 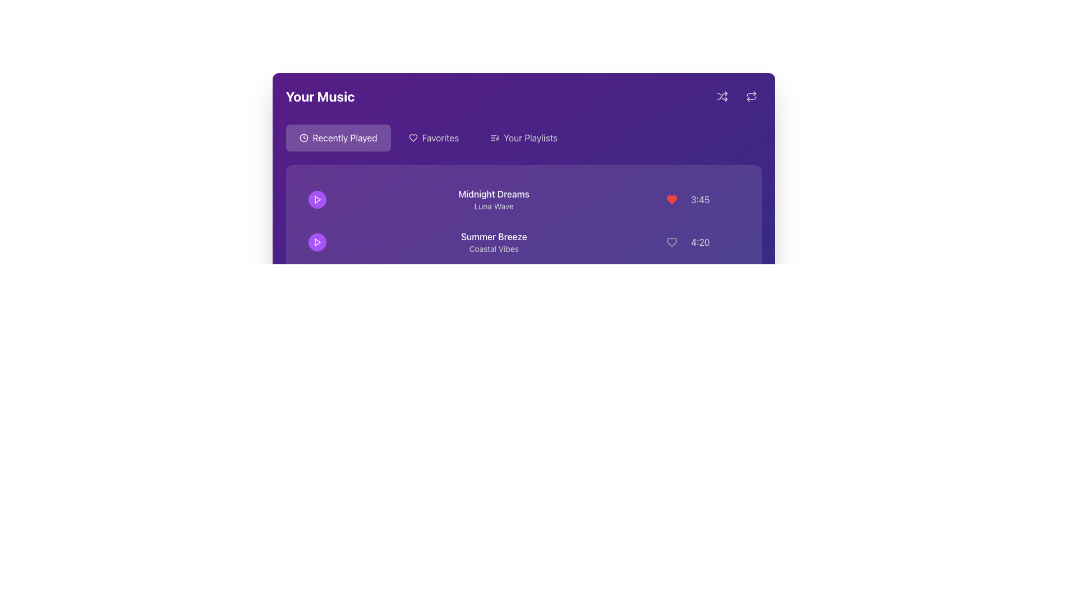 What do you see at coordinates (722, 96) in the screenshot?
I see `the shuffle button located in the top-right corner of the header area, identified by its icon of two crossed arrows and a circular background` at bounding box center [722, 96].